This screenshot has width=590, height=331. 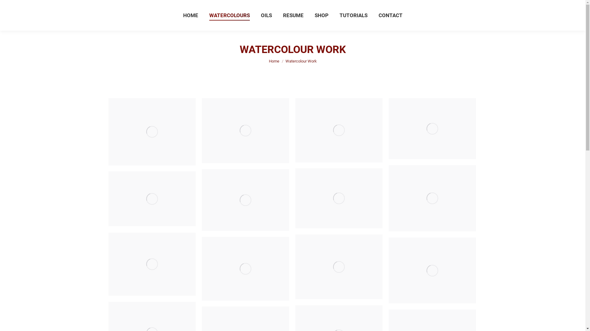 I want to click on 'HOME', so click(x=181, y=15).